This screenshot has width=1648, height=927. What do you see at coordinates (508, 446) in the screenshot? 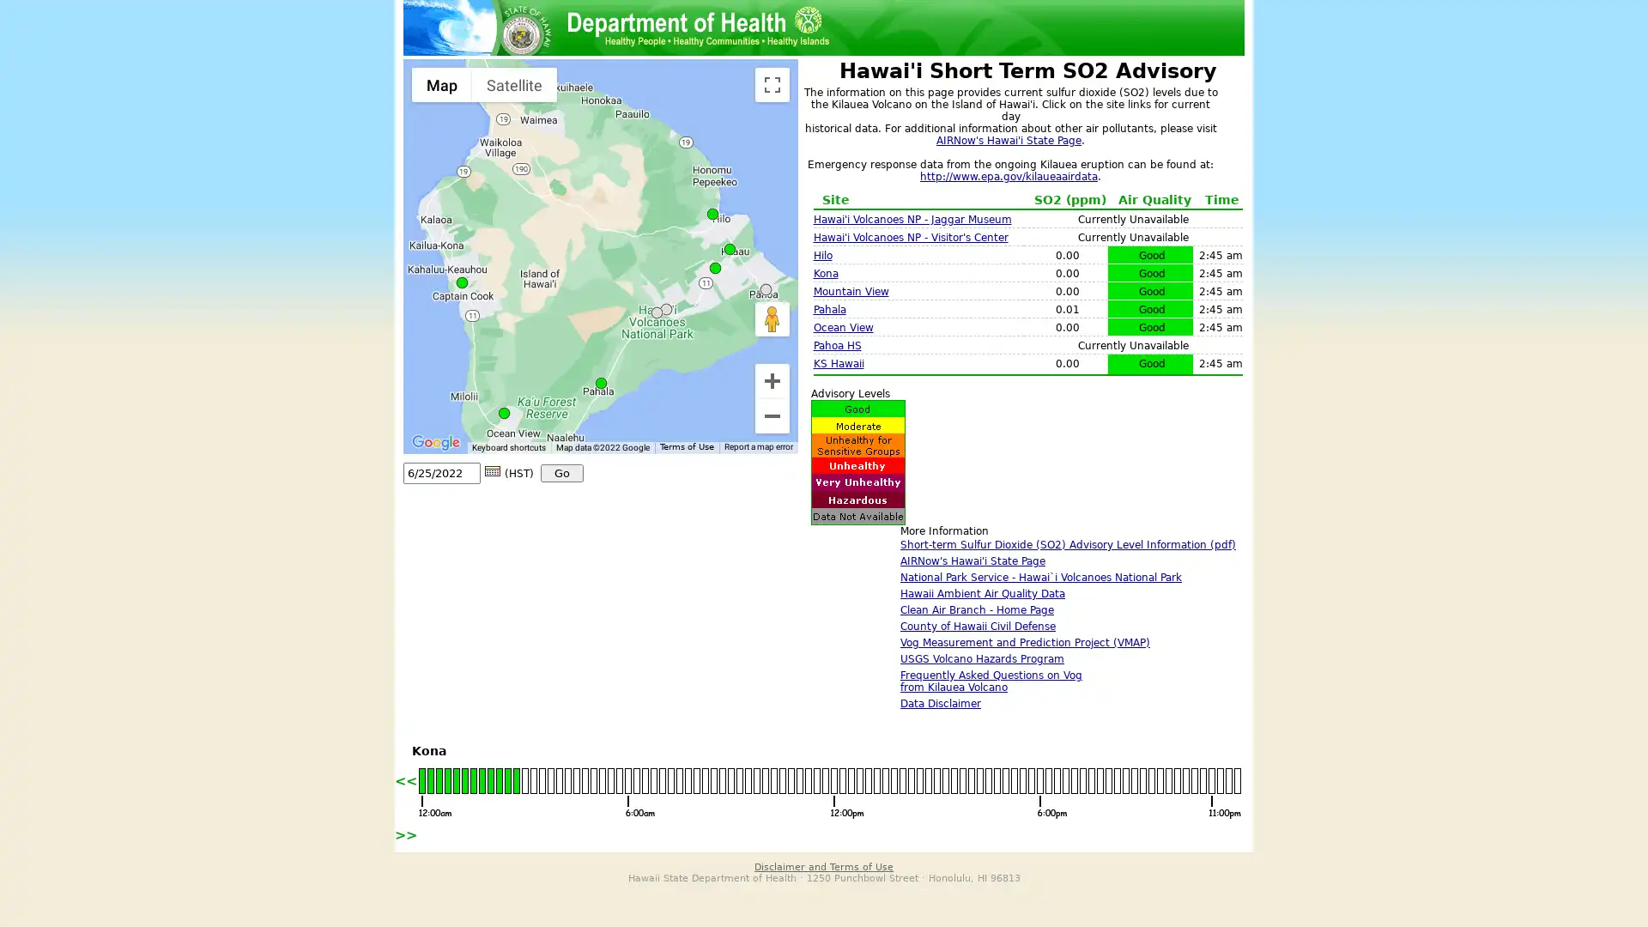
I see `Keyboard shortcuts` at bounding box center [508, 446].